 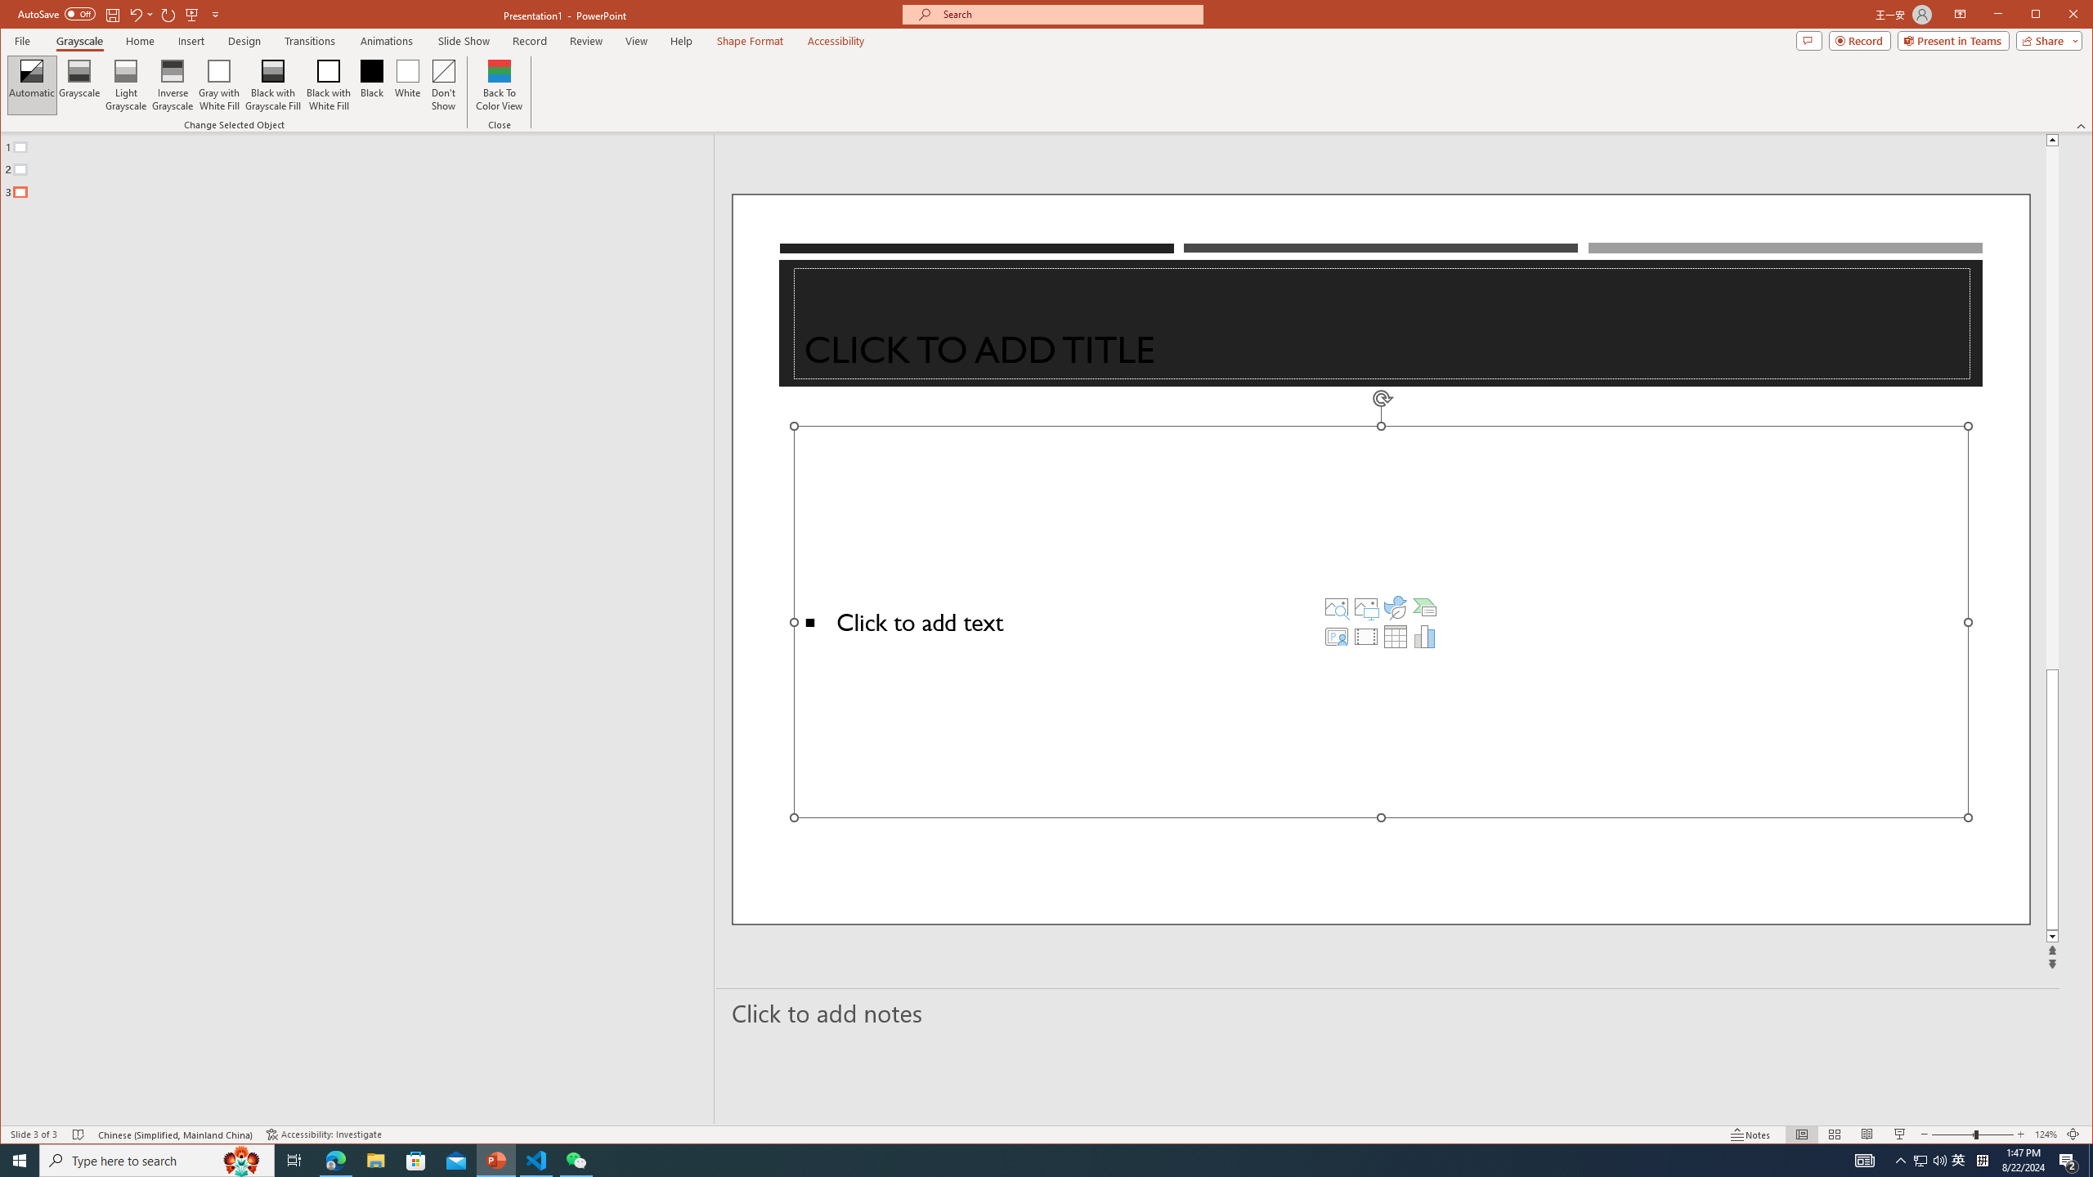 What do you see at coordinates (407, 84) in the screenshot?
I see `'White'` at bounding box center [407, 84].